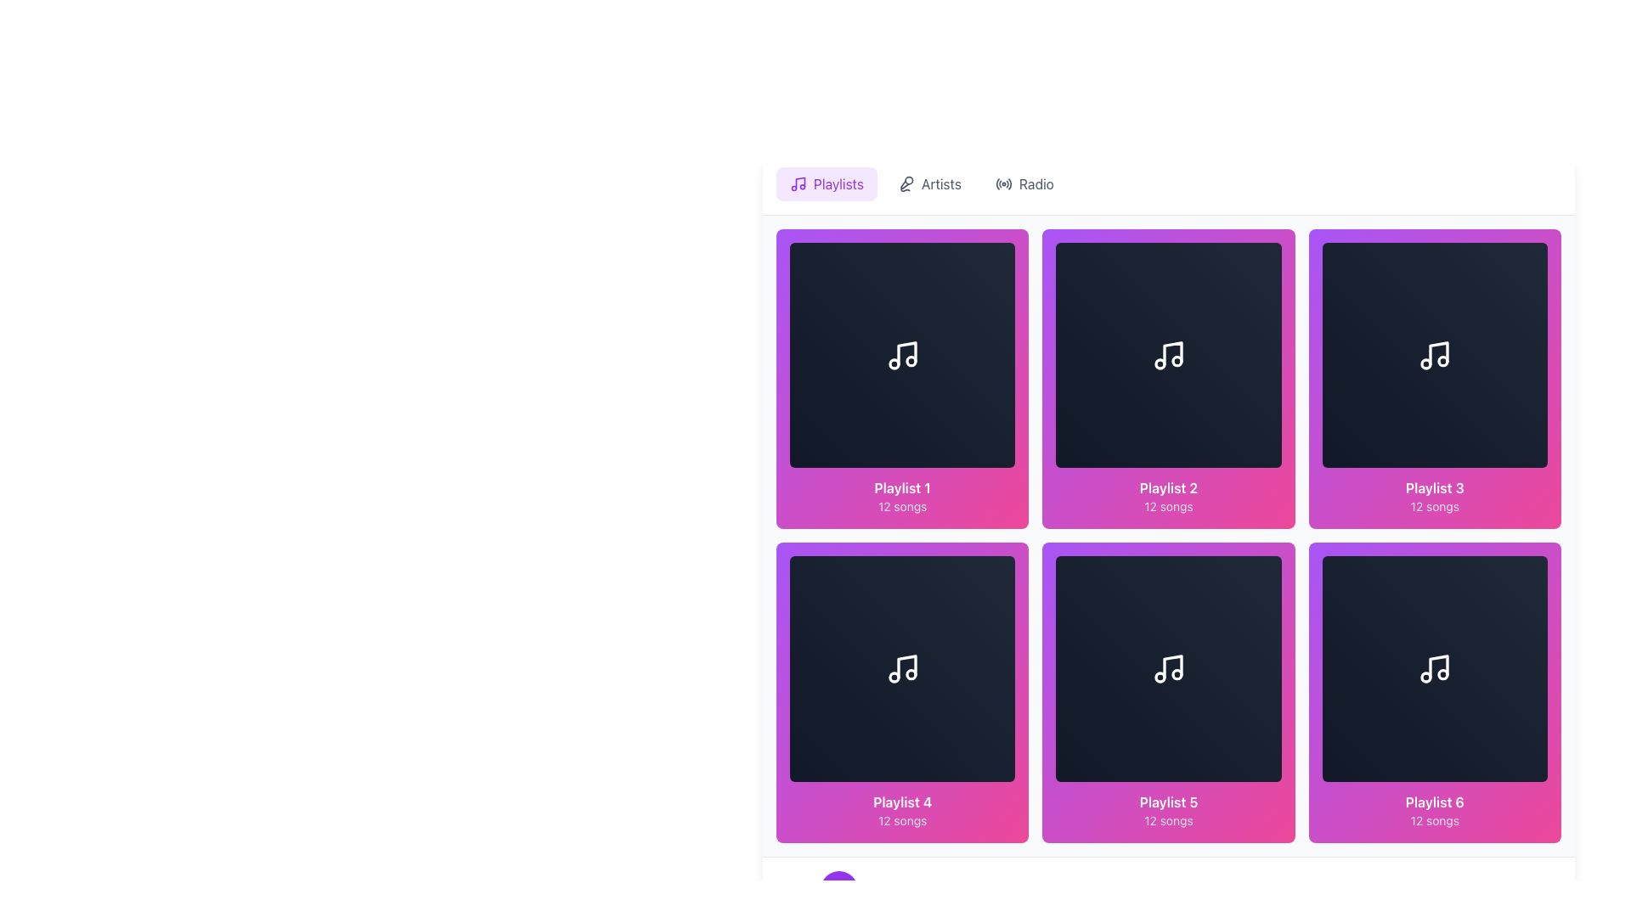  Describe the element at coordinates (901, 667) in the screenshot. I see `the musical note icon located in the center of the fourth card in the second row of the grid layout, which represents audio-related content` at that location.